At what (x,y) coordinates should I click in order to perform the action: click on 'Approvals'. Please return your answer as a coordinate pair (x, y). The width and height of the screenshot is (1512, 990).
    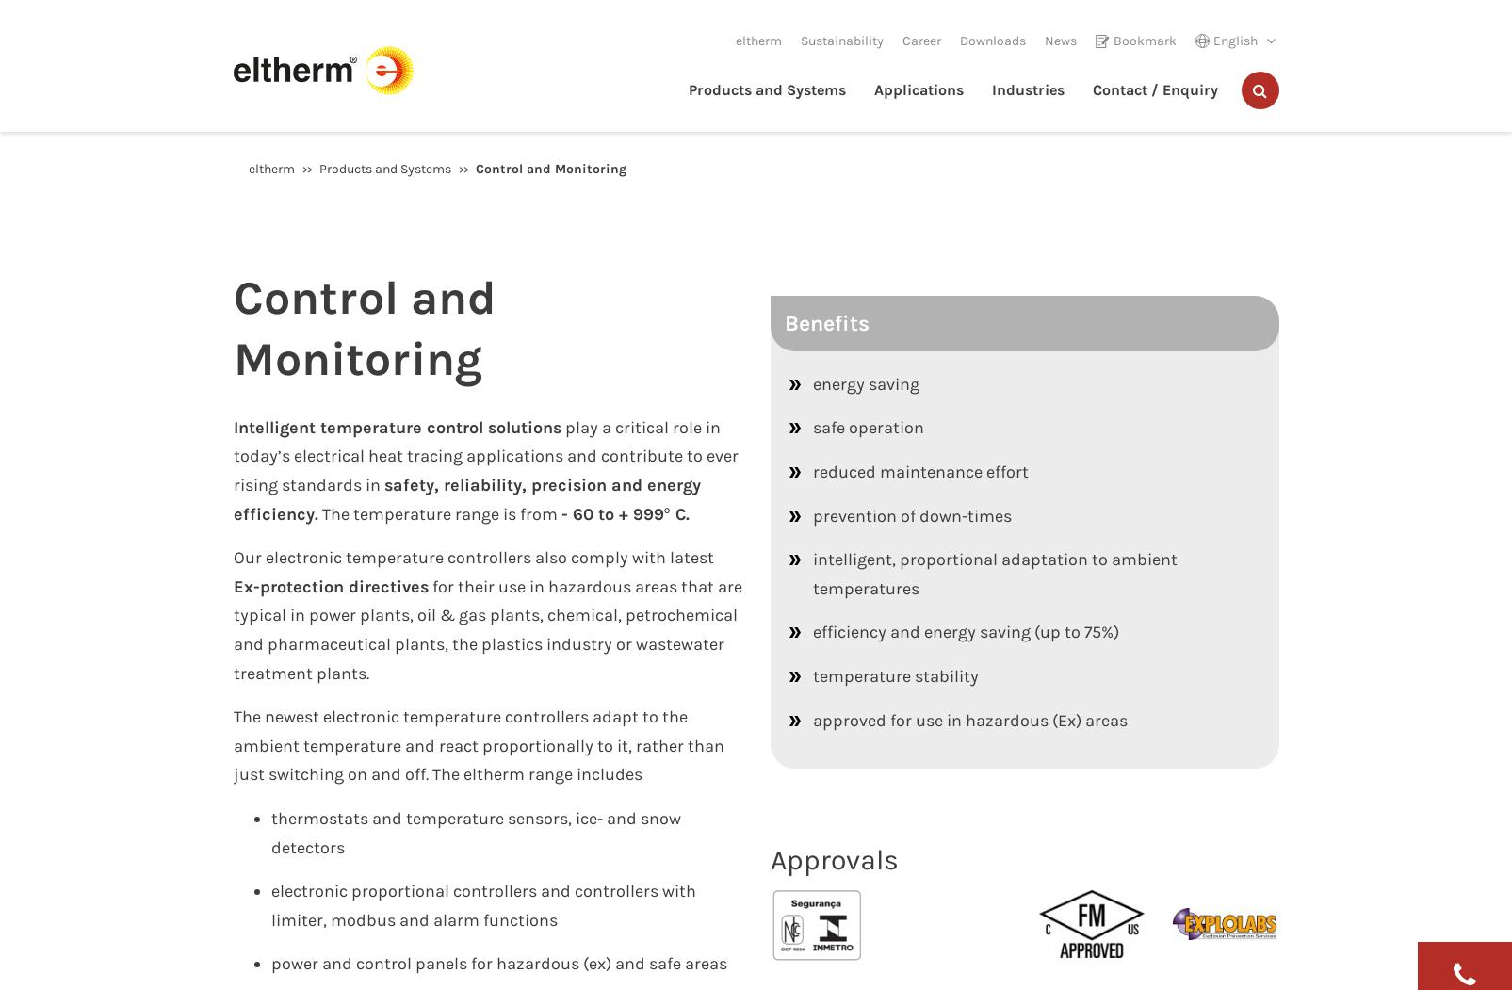
    Looking at the image, I should click on (833, 860).